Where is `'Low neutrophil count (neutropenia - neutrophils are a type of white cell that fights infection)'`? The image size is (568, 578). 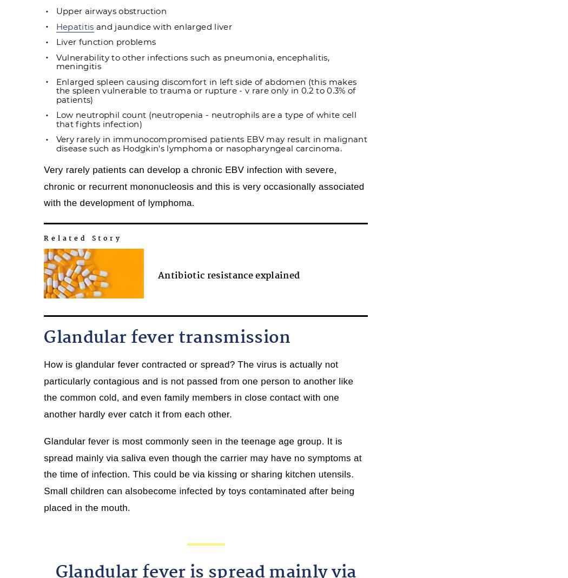 'Low neutrophil count (neutropenia - neutrophils are a type of white cell that fights infection)' is located at coordinates (206, 118).